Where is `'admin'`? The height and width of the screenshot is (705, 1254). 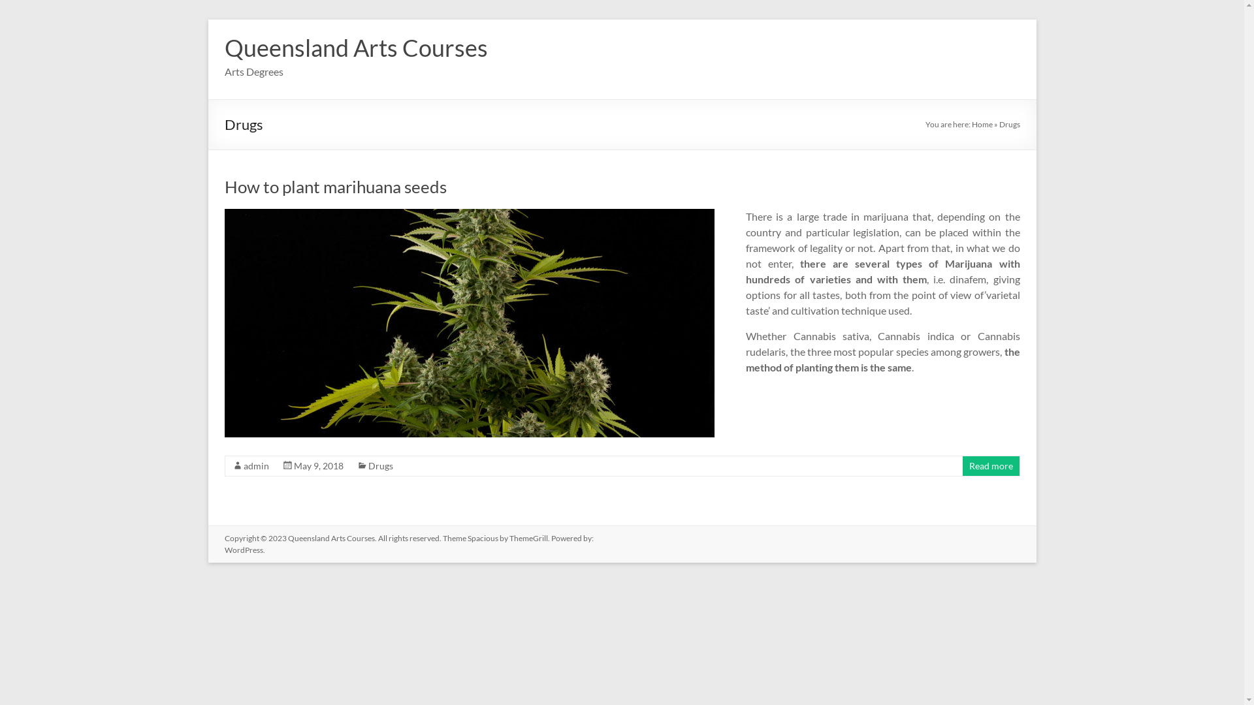 'admin' is located at coordinates (243, 465).